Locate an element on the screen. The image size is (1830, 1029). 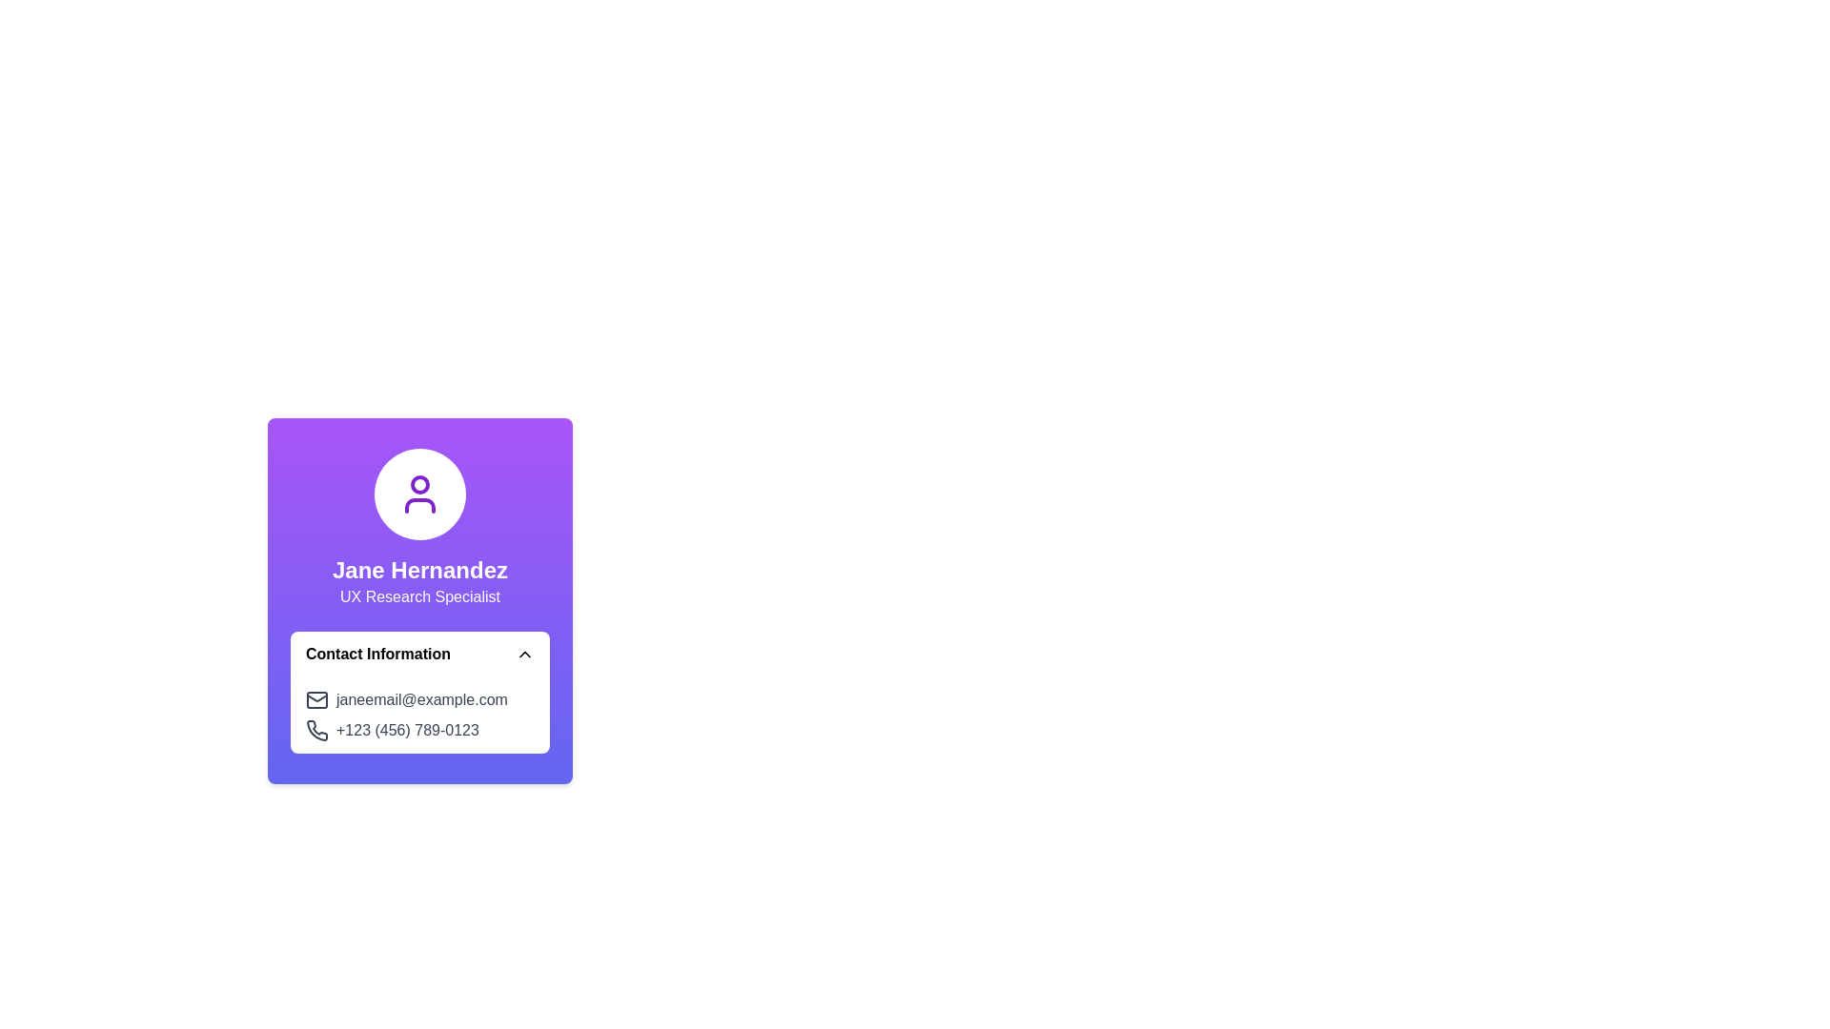
to highlight the phone number text label located in the 'Contact Information' section, positioned below 'janeemail@example.com' and is located at coordinates (406, 730).